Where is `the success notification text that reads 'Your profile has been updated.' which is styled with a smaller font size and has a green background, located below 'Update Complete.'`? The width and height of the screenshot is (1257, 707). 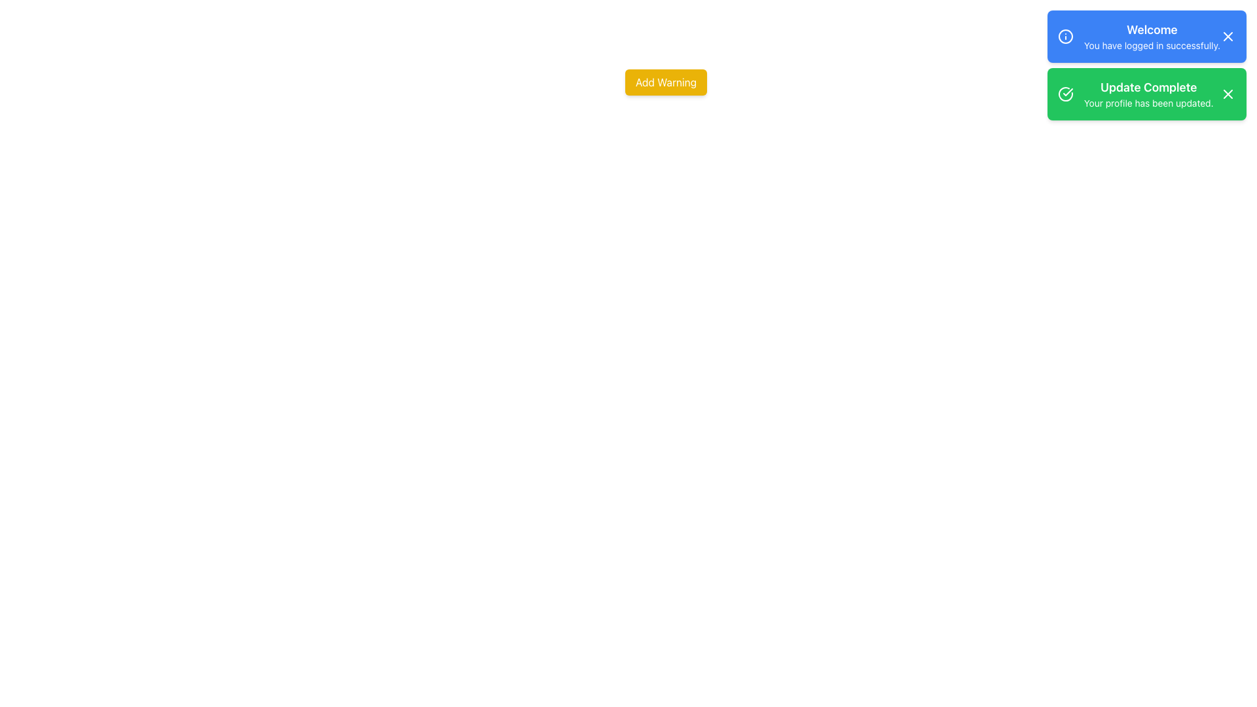
the success notification text that reads 'Your profile has been updated.' which is styled with a smaller font size and has a green background, located below 'Update Complete.' is located at coordinates (1148, 103).